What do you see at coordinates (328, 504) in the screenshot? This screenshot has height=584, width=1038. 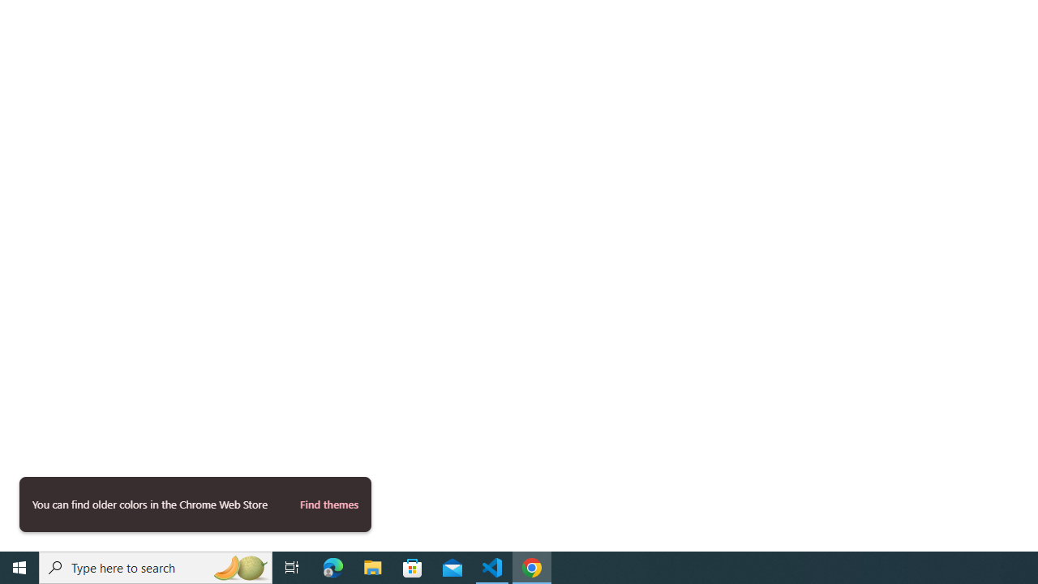 I see `'Find themes'` at bounding box center [328, 504].